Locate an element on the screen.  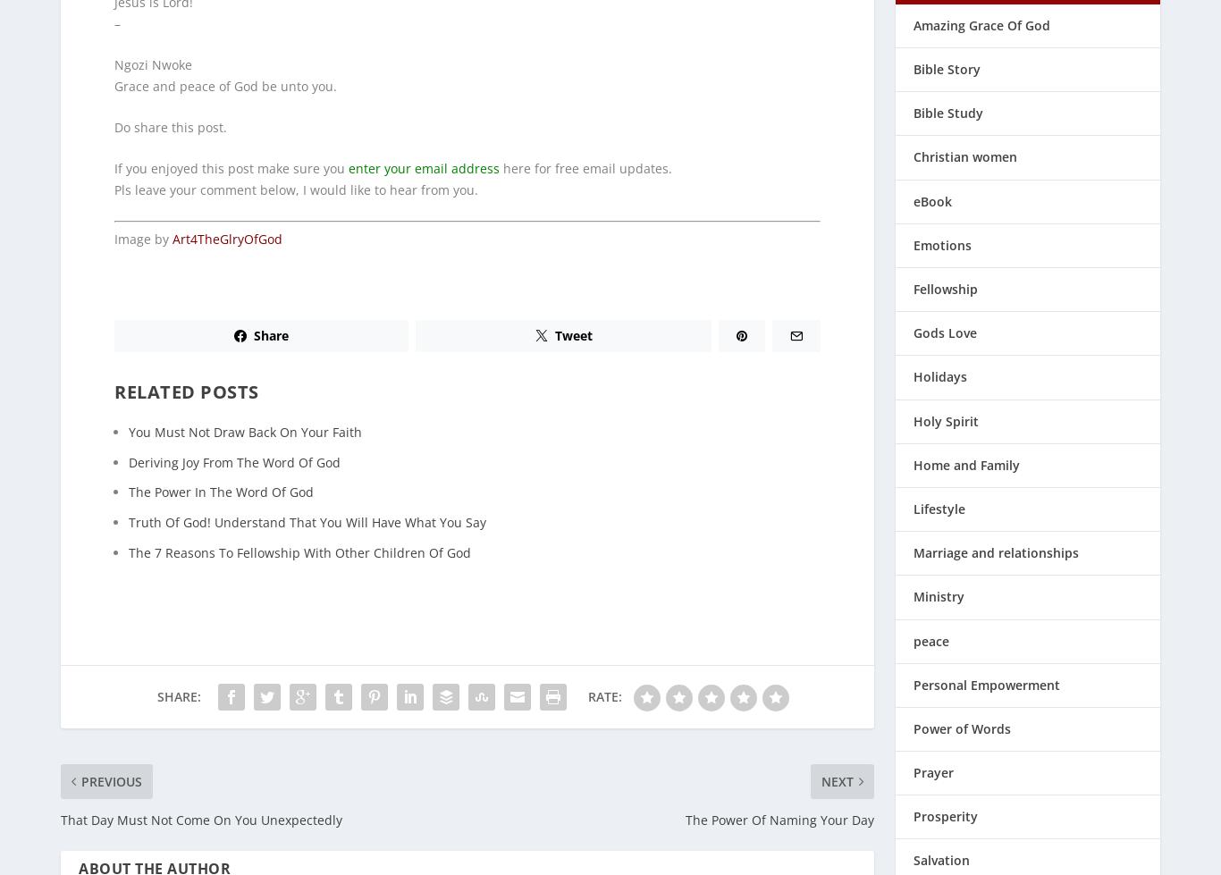
'Share' is located at coordinates (253, 324).